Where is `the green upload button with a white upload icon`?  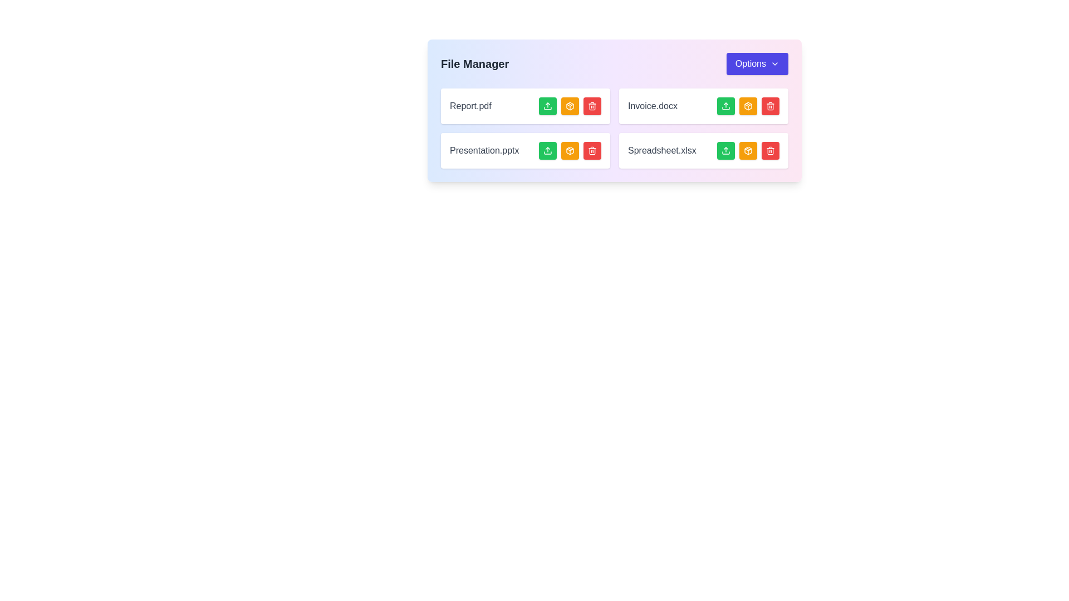 the green upload button with a white upload icon is located at coordinates (726, 106).